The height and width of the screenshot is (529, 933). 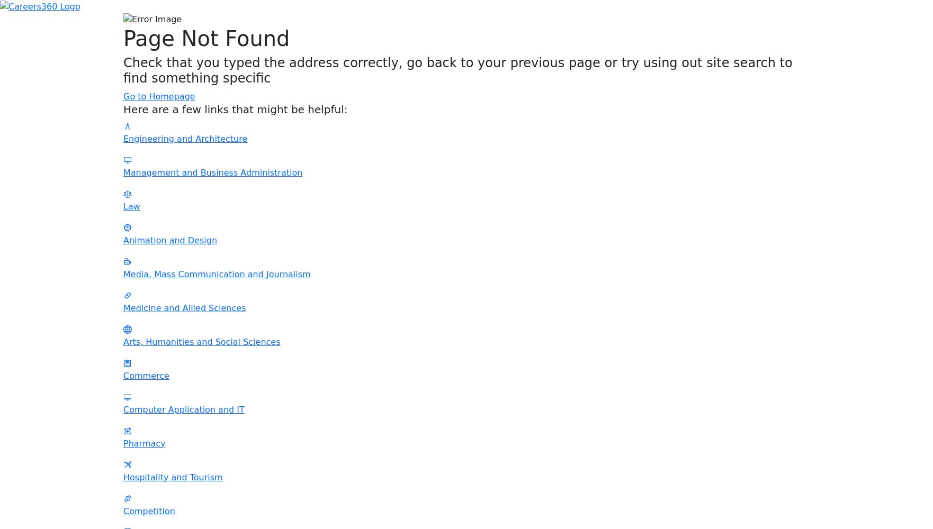 What do you see at coordinates (217, 273) in the screenshot?
I see `'Media, Mass Communication and Journalism'` at bounding box center [217, 273].